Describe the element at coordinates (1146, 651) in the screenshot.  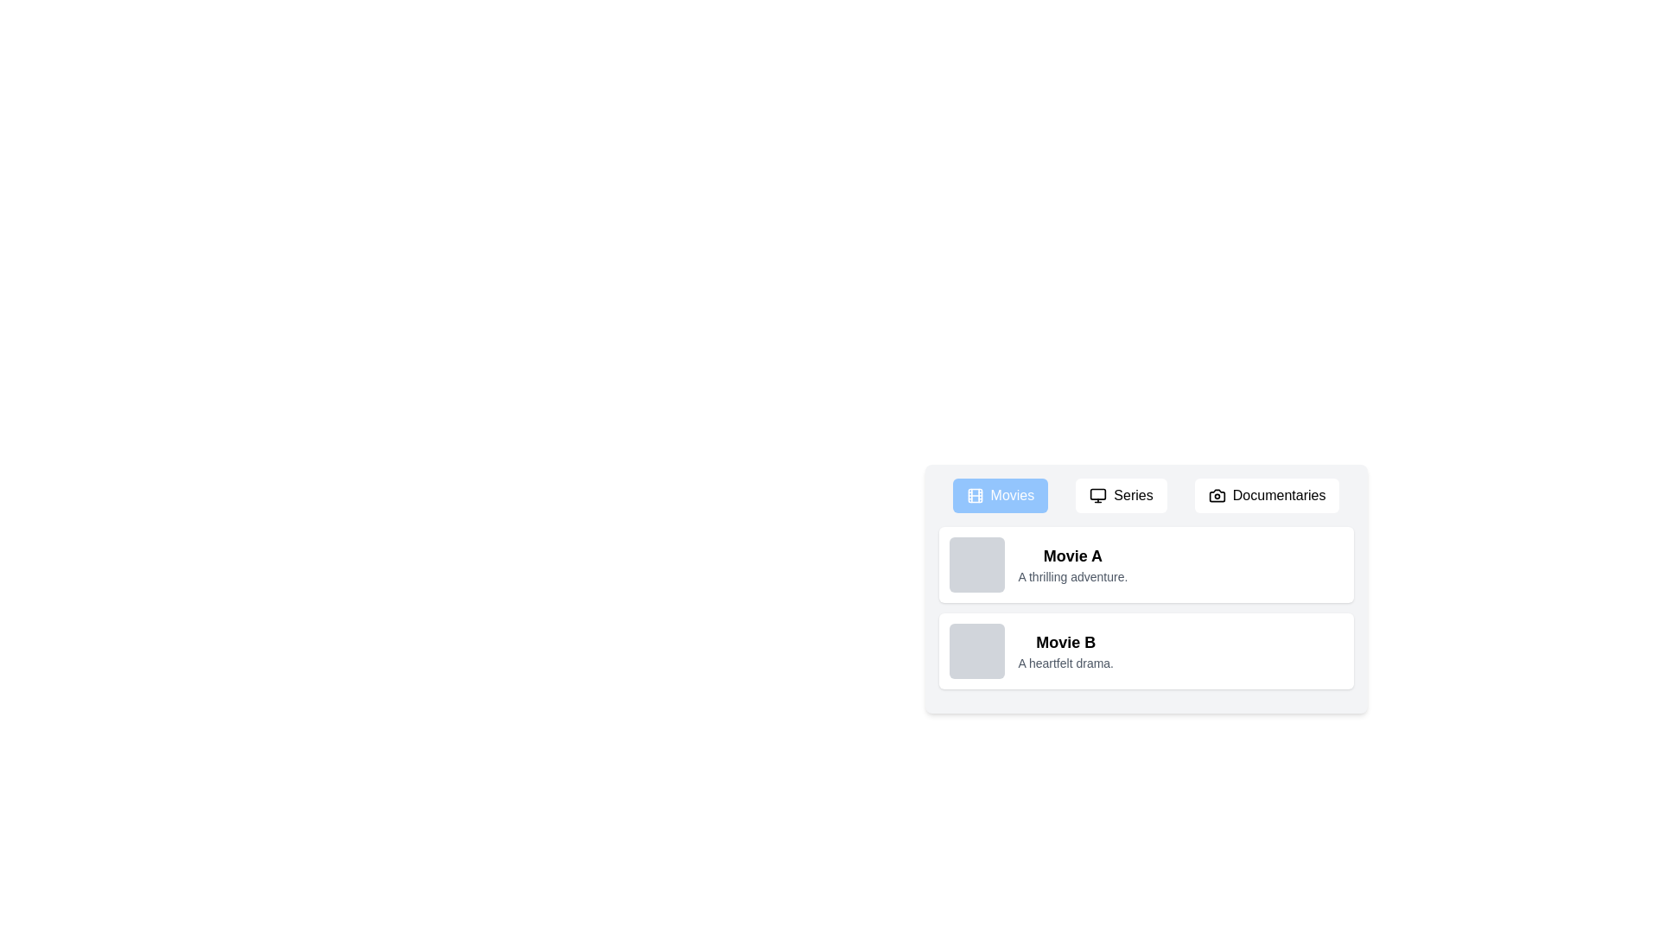
I see `the content item Movie B under the active tab` at that location.